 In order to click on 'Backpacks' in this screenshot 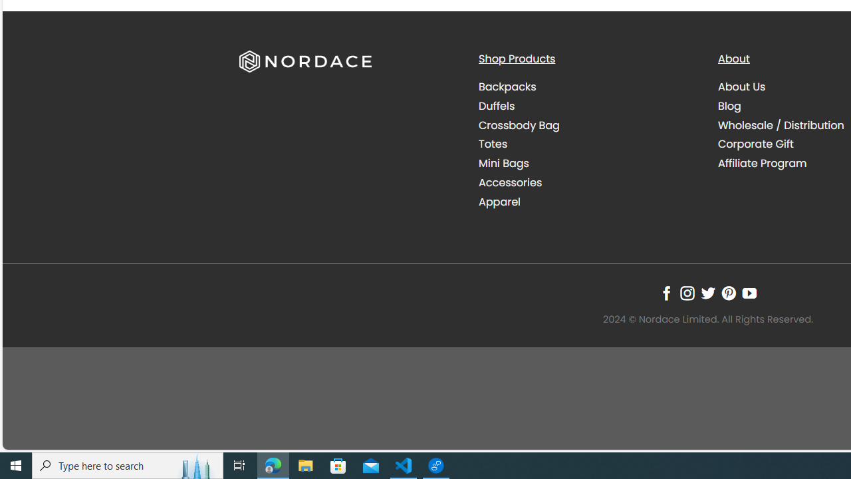, I will do `click(506, 87)`.